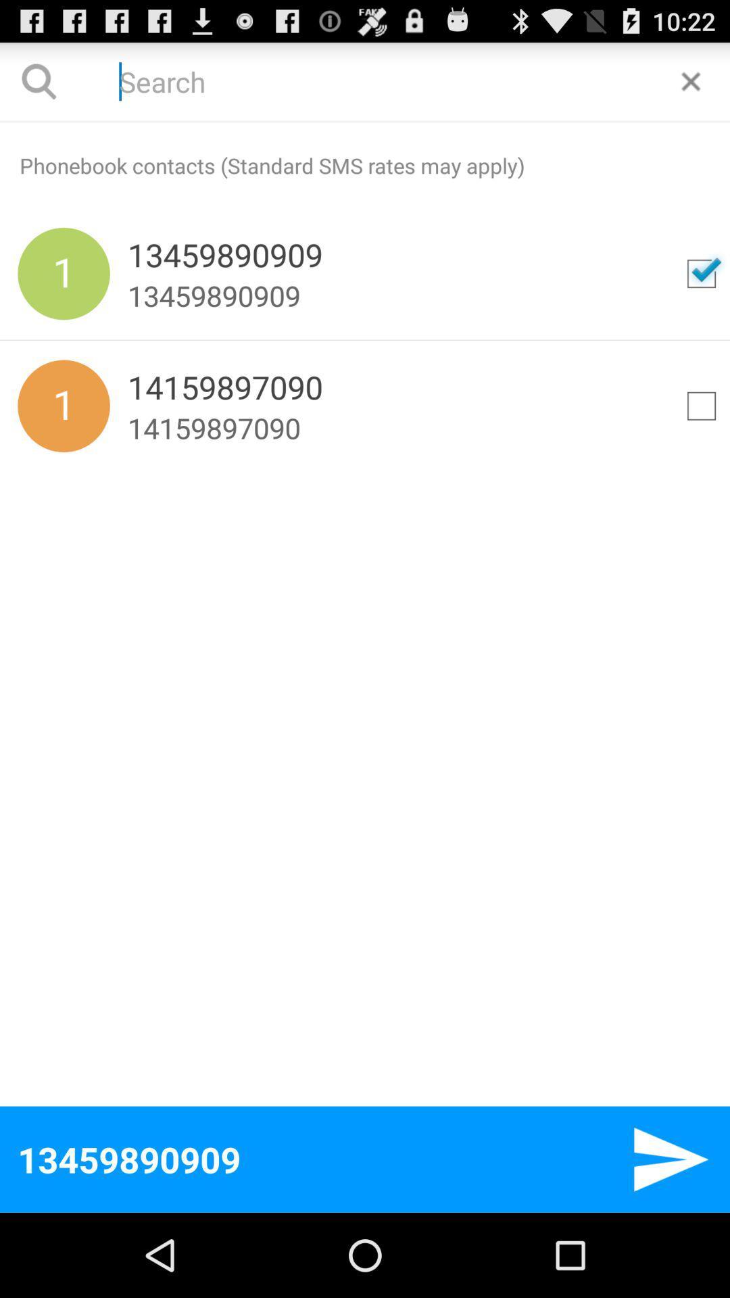 This screenshot has height=1298, width=730. I want to click on contacts button, so click(700, 405).